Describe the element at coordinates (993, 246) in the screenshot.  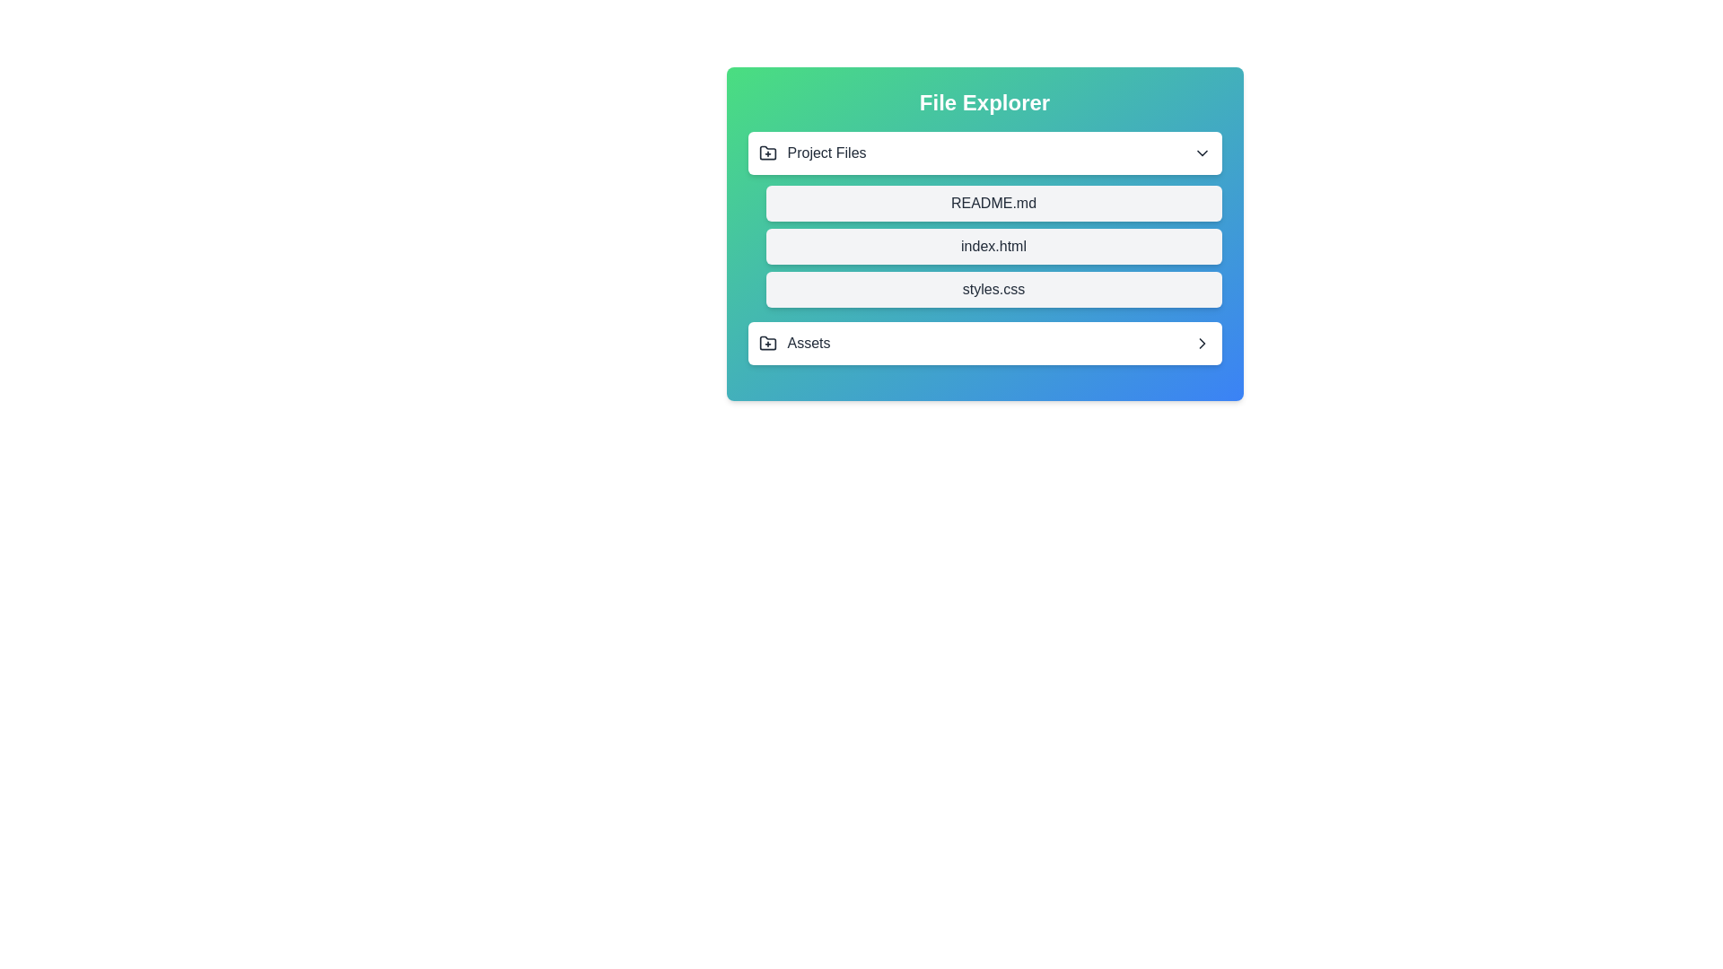
I see `the 'index.html' File entry button located in the 'Project Files' section of the File Explorer card` at that location.